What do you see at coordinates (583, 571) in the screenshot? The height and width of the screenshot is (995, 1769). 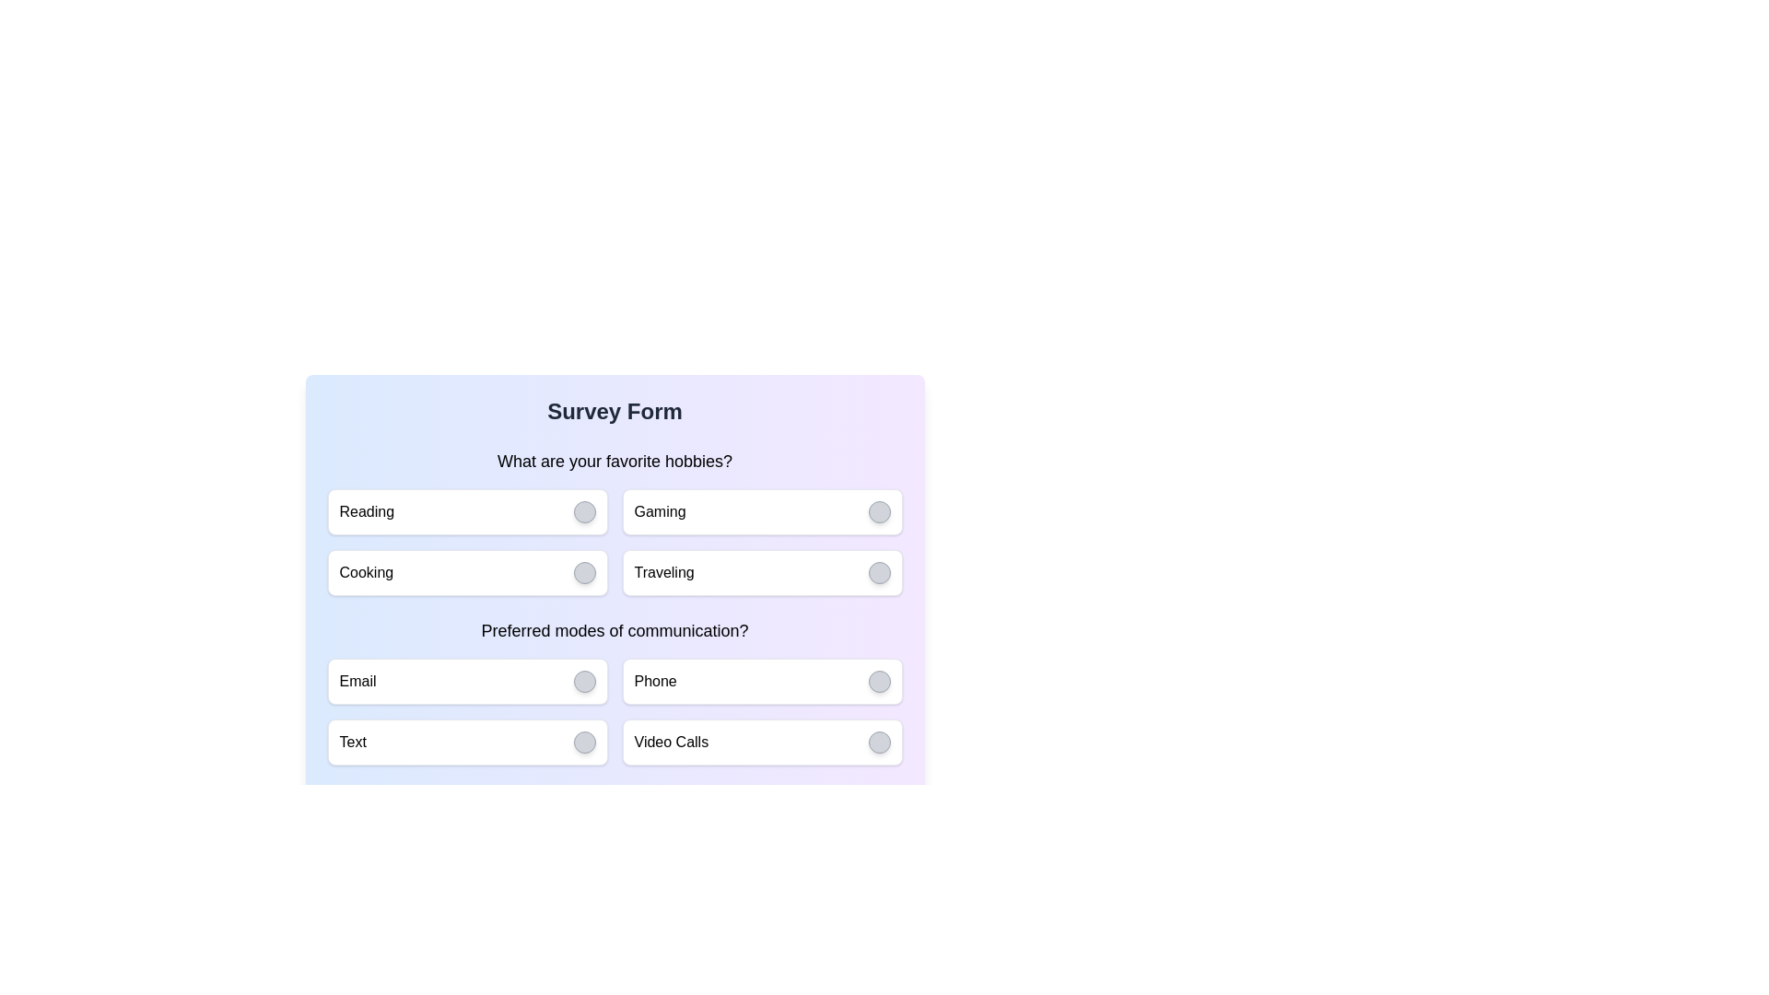 I see `the circular radio button with a light gray background located next to the text 'Cooking' in the 'What are your favorite hobbies?' section` at bounding box center [583, 571].